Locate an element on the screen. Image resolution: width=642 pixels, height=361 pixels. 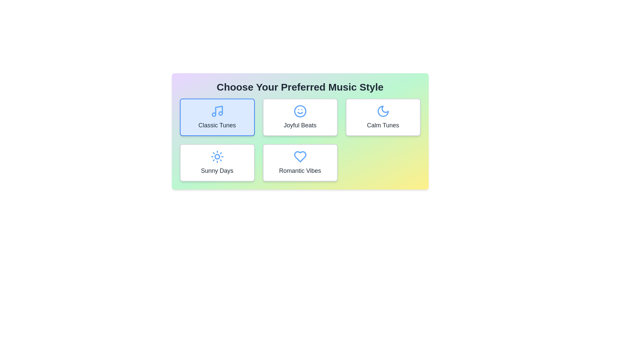
the blue heart icon located in the bottom-right card labeled 'Romantic Vibes' in the 3x2 grid layout is located at coordinates (300, 157).